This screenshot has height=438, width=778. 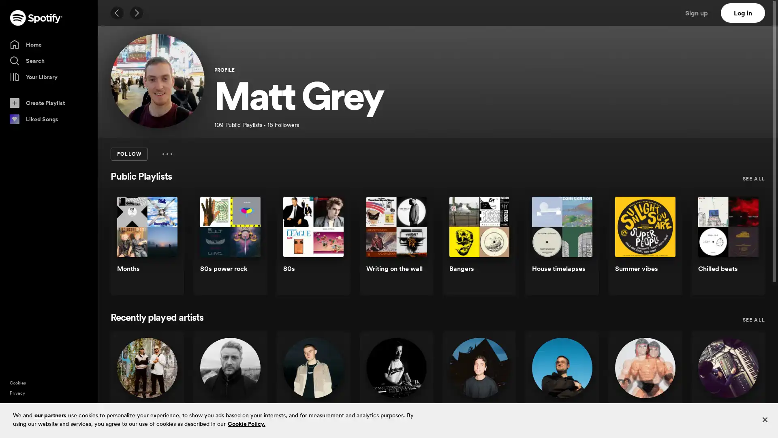 What do you see at coordinates (246, 387) in the screenshot?
I see `Play Calibre` at bounding box center [246, 387].